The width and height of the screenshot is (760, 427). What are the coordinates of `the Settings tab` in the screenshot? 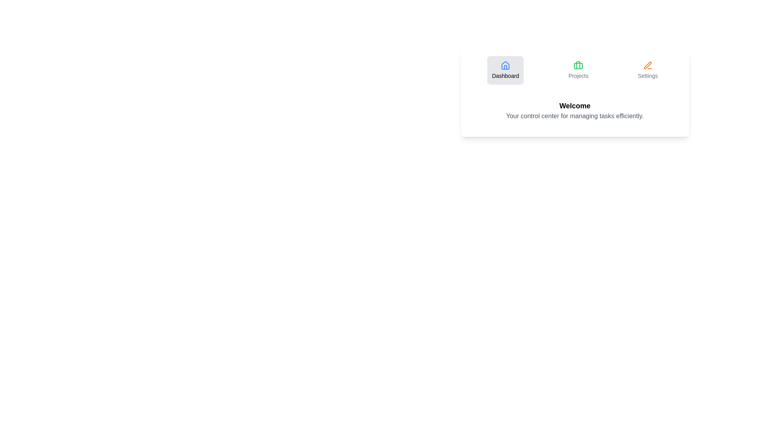 It's located at (648, 70).